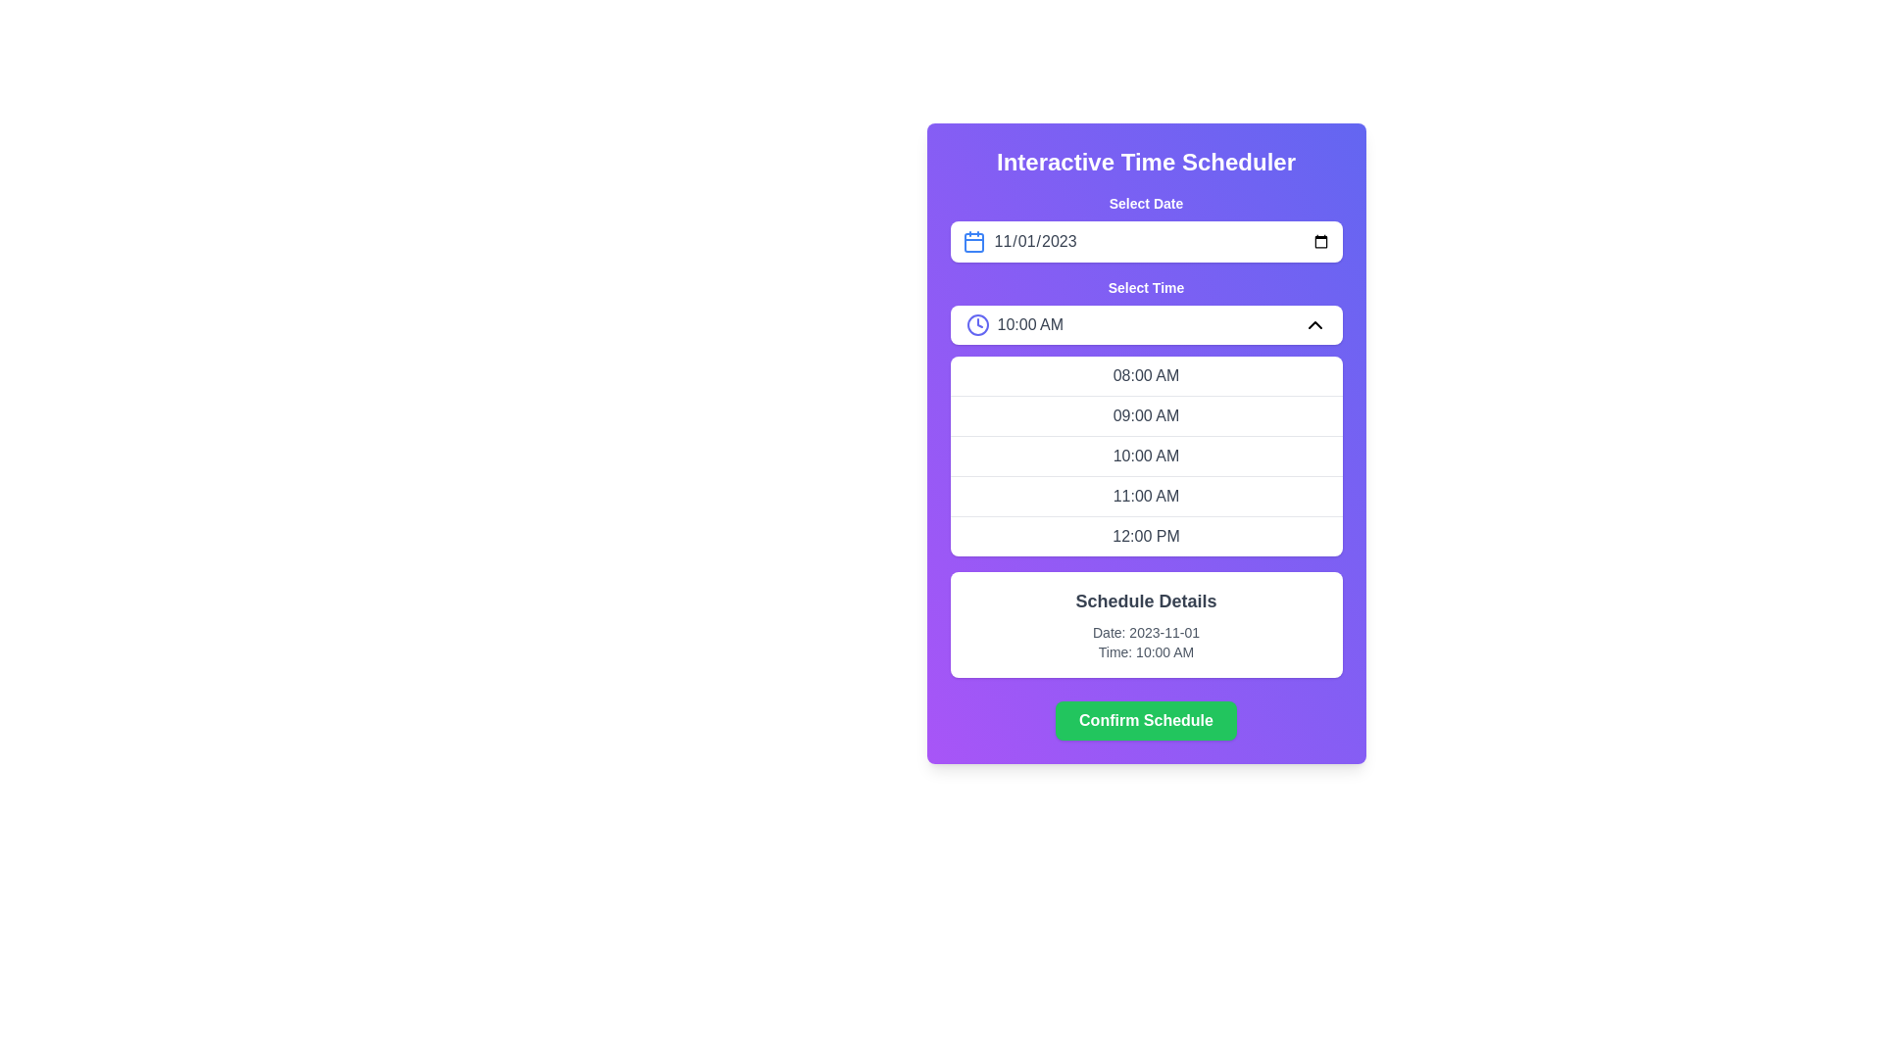 The image size is (1882, 1058). I want to click on the chevron pointing upwards icon located at the extreme right of the '10:00 AM' time slot to collapse the time selection dropdown when navigating via keyboard, so click(1314, 323).